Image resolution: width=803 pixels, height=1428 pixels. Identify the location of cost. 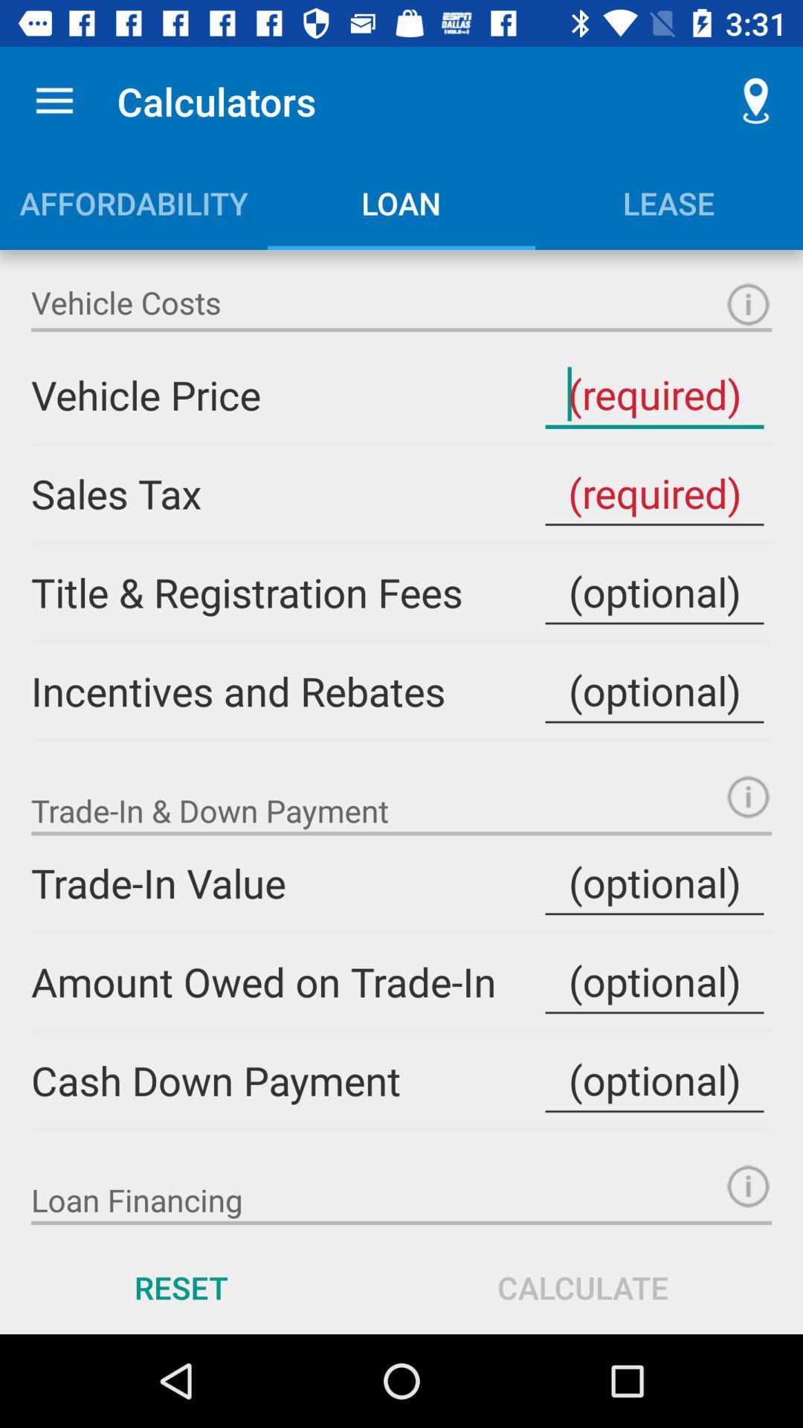
(654, 591).